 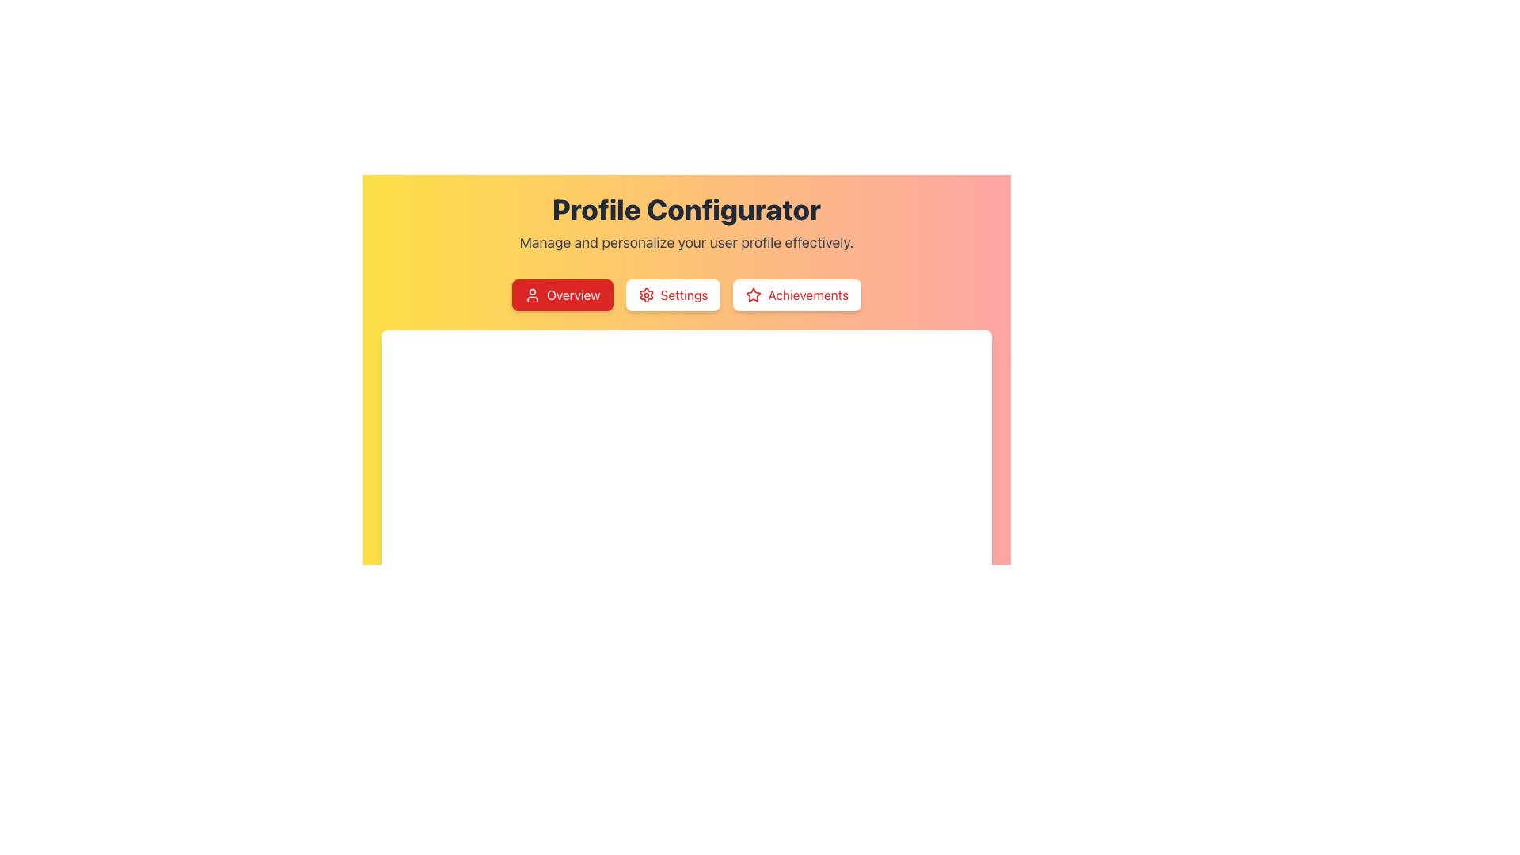 What do you see at coordinates (532, 295) in the screenshot?
I see `the 'Overview' icon located to the left of the 'Overview' text label, positioned at the top section of the interface` at bounding box center [532, 295].